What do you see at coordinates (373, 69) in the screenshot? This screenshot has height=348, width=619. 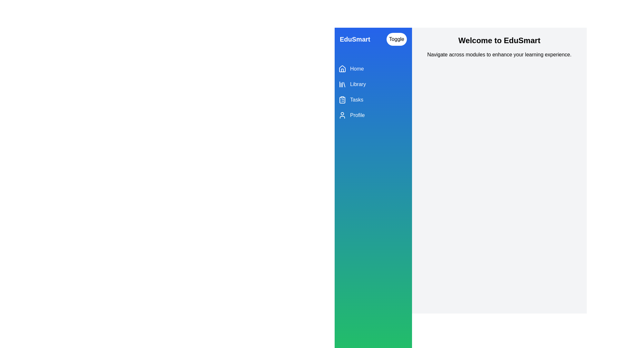 I see `the Home item in the drawer menu` at bounding box center [373, 69].